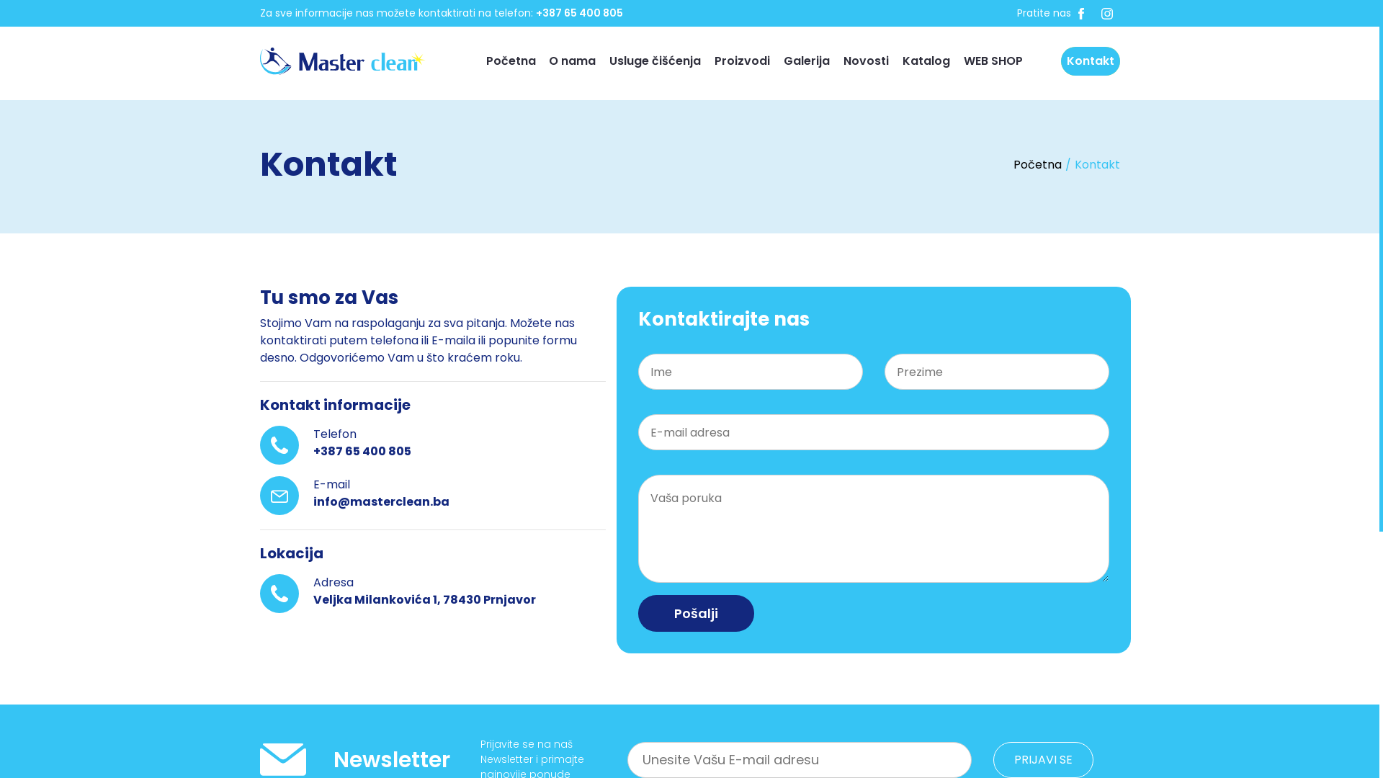 The width and height of the screenshot is (1383, 778). What do you see at coordinates (865, 60) in the screenshot?
I see `'Novosti'` at bounding box center [865, 60].